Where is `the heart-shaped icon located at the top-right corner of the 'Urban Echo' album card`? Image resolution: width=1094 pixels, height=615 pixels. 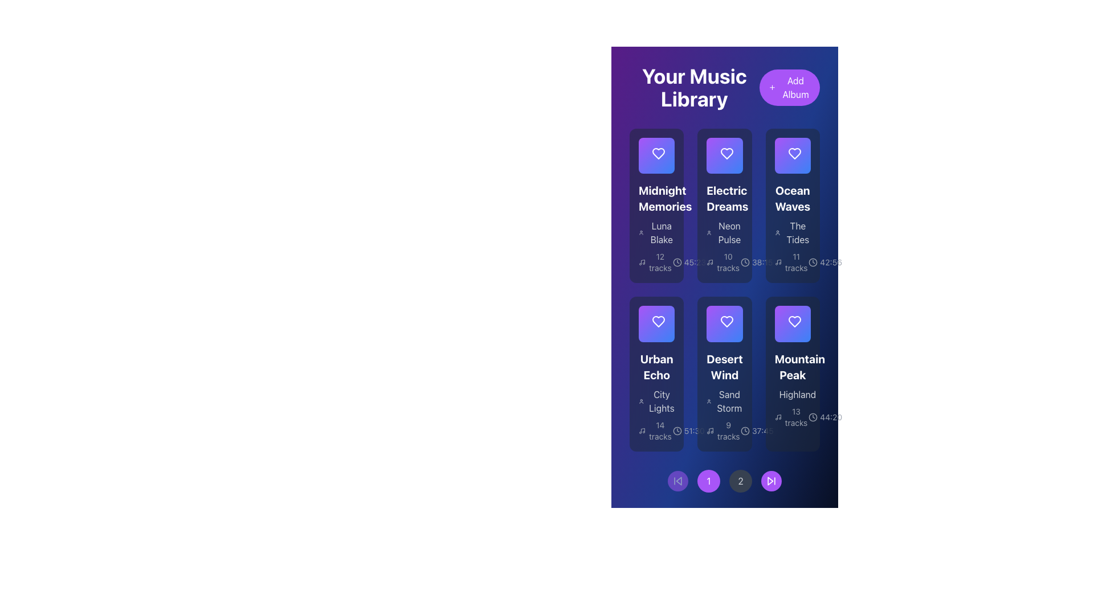
the heart-shaped icon located at the top-right corner of the 'Urban Echo' album card is located at coordinates (659, 323).